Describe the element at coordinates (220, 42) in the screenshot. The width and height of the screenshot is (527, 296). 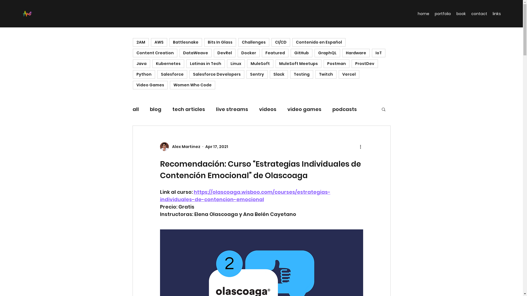
I see `'Bits In Glass'` at that location.